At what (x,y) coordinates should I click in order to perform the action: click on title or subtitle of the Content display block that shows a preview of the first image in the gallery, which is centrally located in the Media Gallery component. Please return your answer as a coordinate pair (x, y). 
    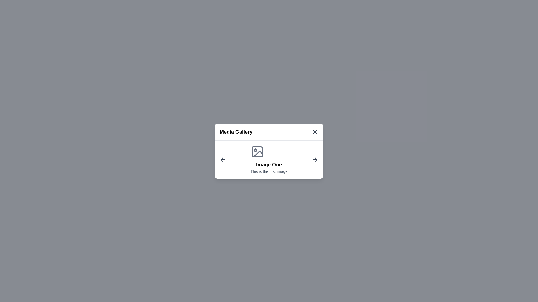
    Looking at the image, I should click on (269, 159).